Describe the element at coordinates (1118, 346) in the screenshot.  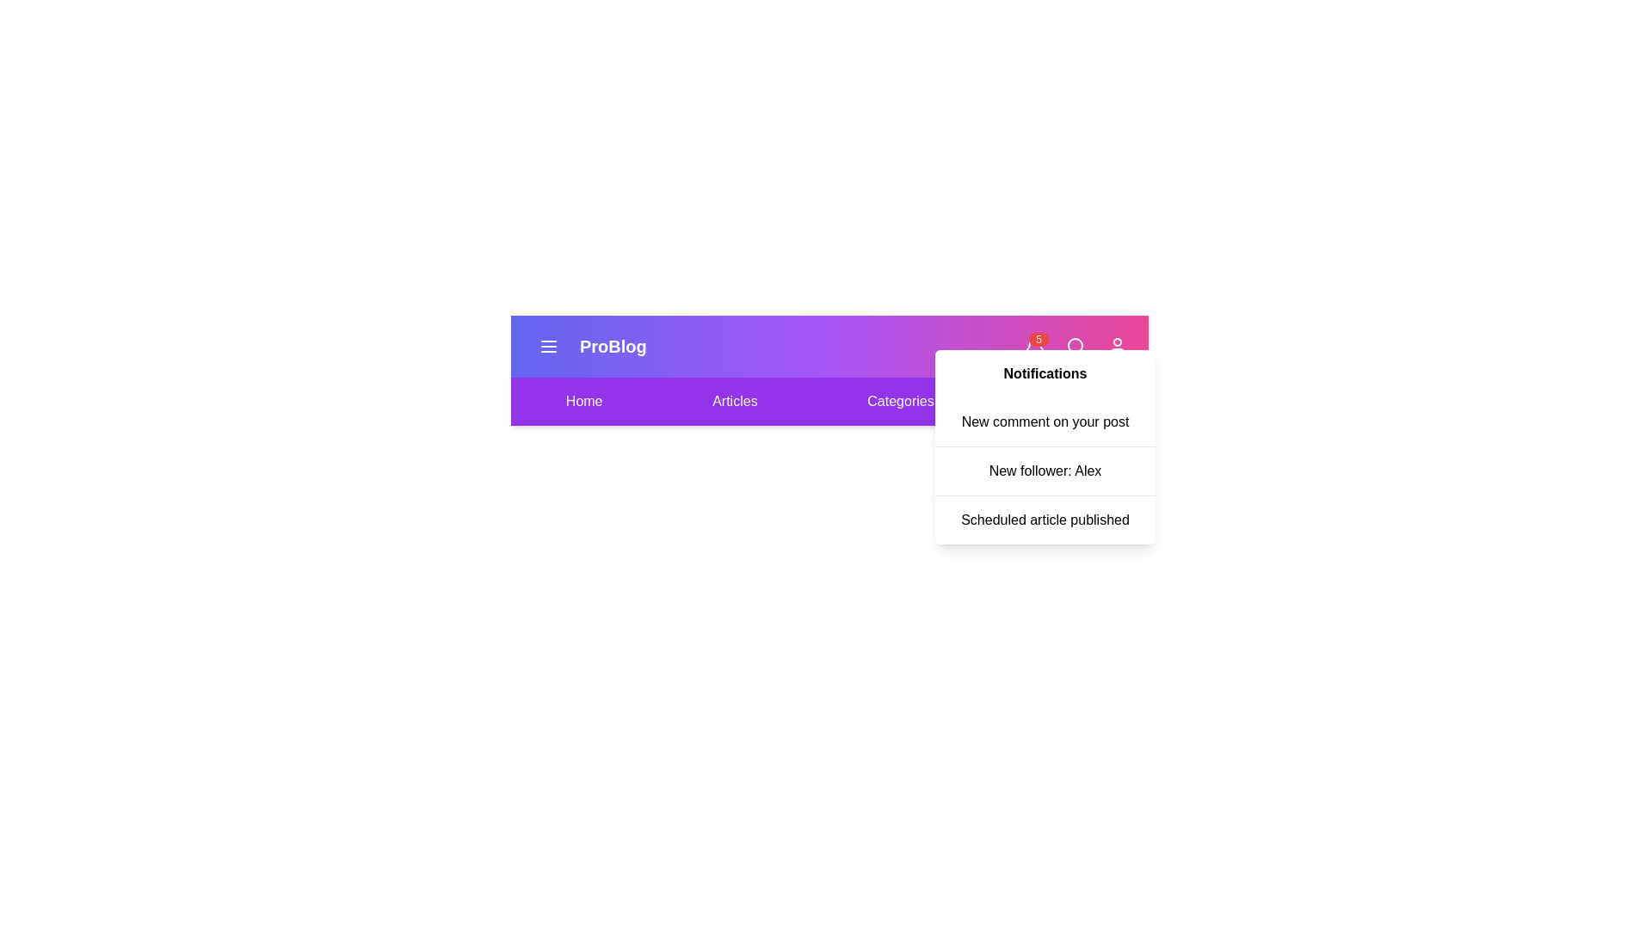
I see `the user icon to access user-related actions` at that location.